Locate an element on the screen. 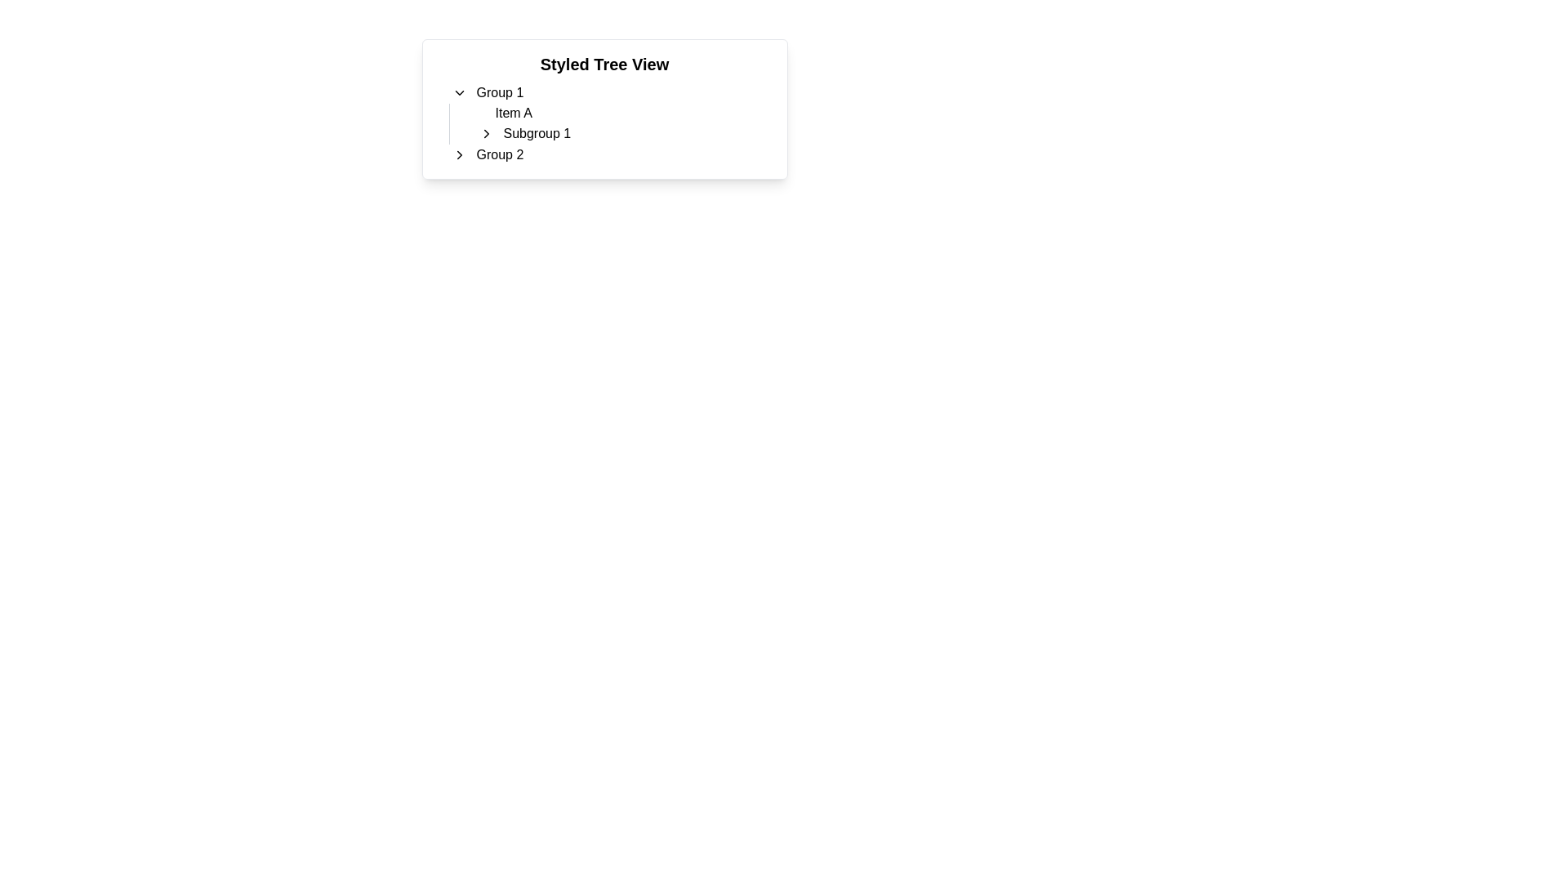 This screenshot has height=882, width=1568. the Chevron icon button located to the left of the label 'Subgroup 1' is located at coordinates (485, 133).